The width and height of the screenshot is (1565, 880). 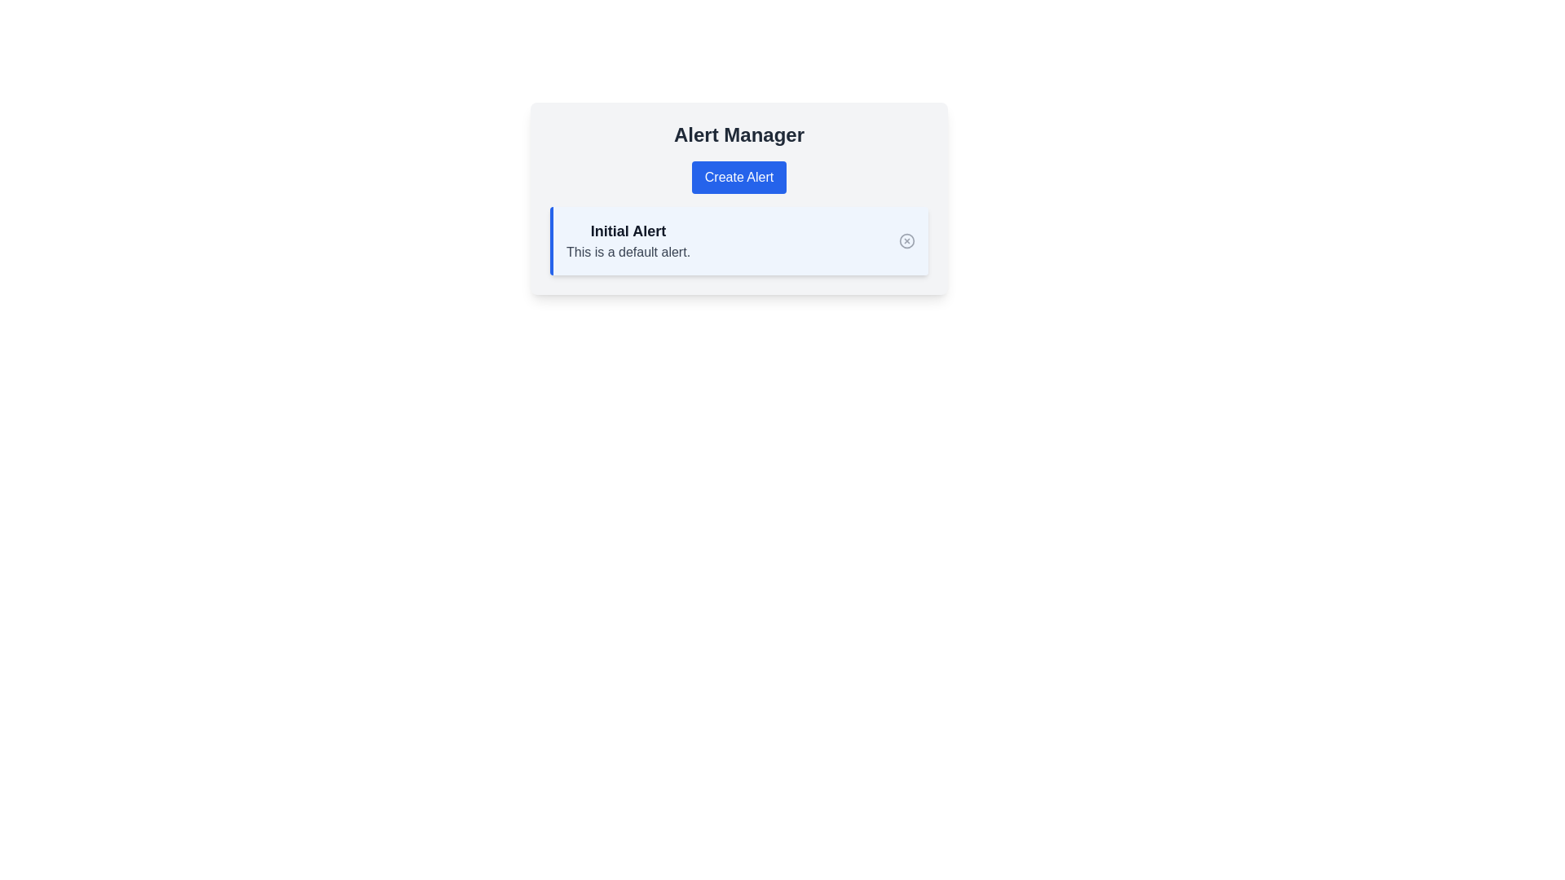 I want to click on the interactive areas of the 'Create Alert' button within the 'Alert Manager' card component, so click(x=738, y=197).